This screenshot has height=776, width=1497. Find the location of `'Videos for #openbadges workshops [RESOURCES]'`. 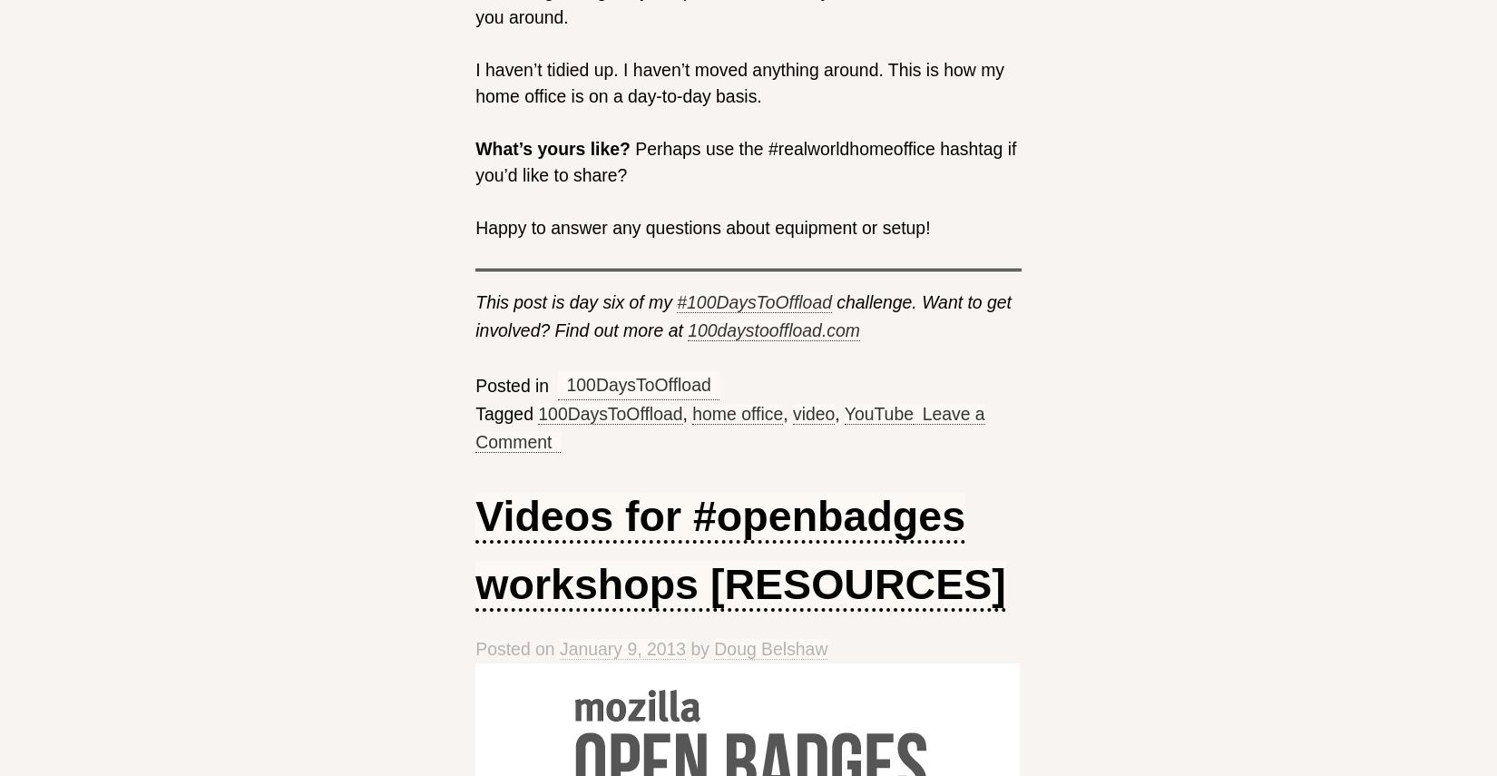

'Videos for #openbadges workshops [RESOURCES]' is located at coordinates (739, 550).